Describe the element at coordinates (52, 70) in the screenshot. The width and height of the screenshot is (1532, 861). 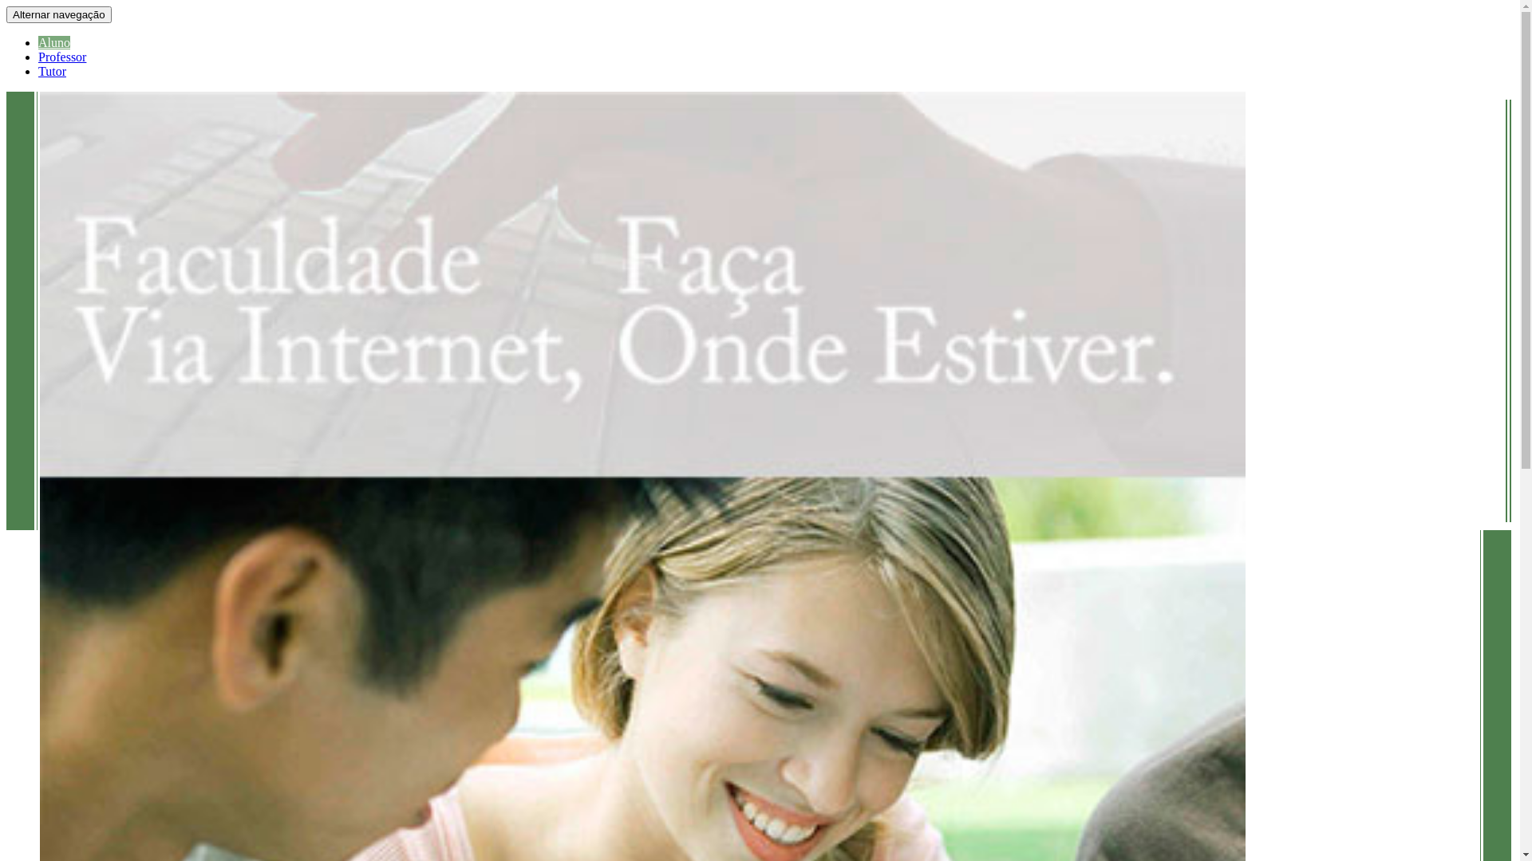
I see `'Tutor'` at that location.